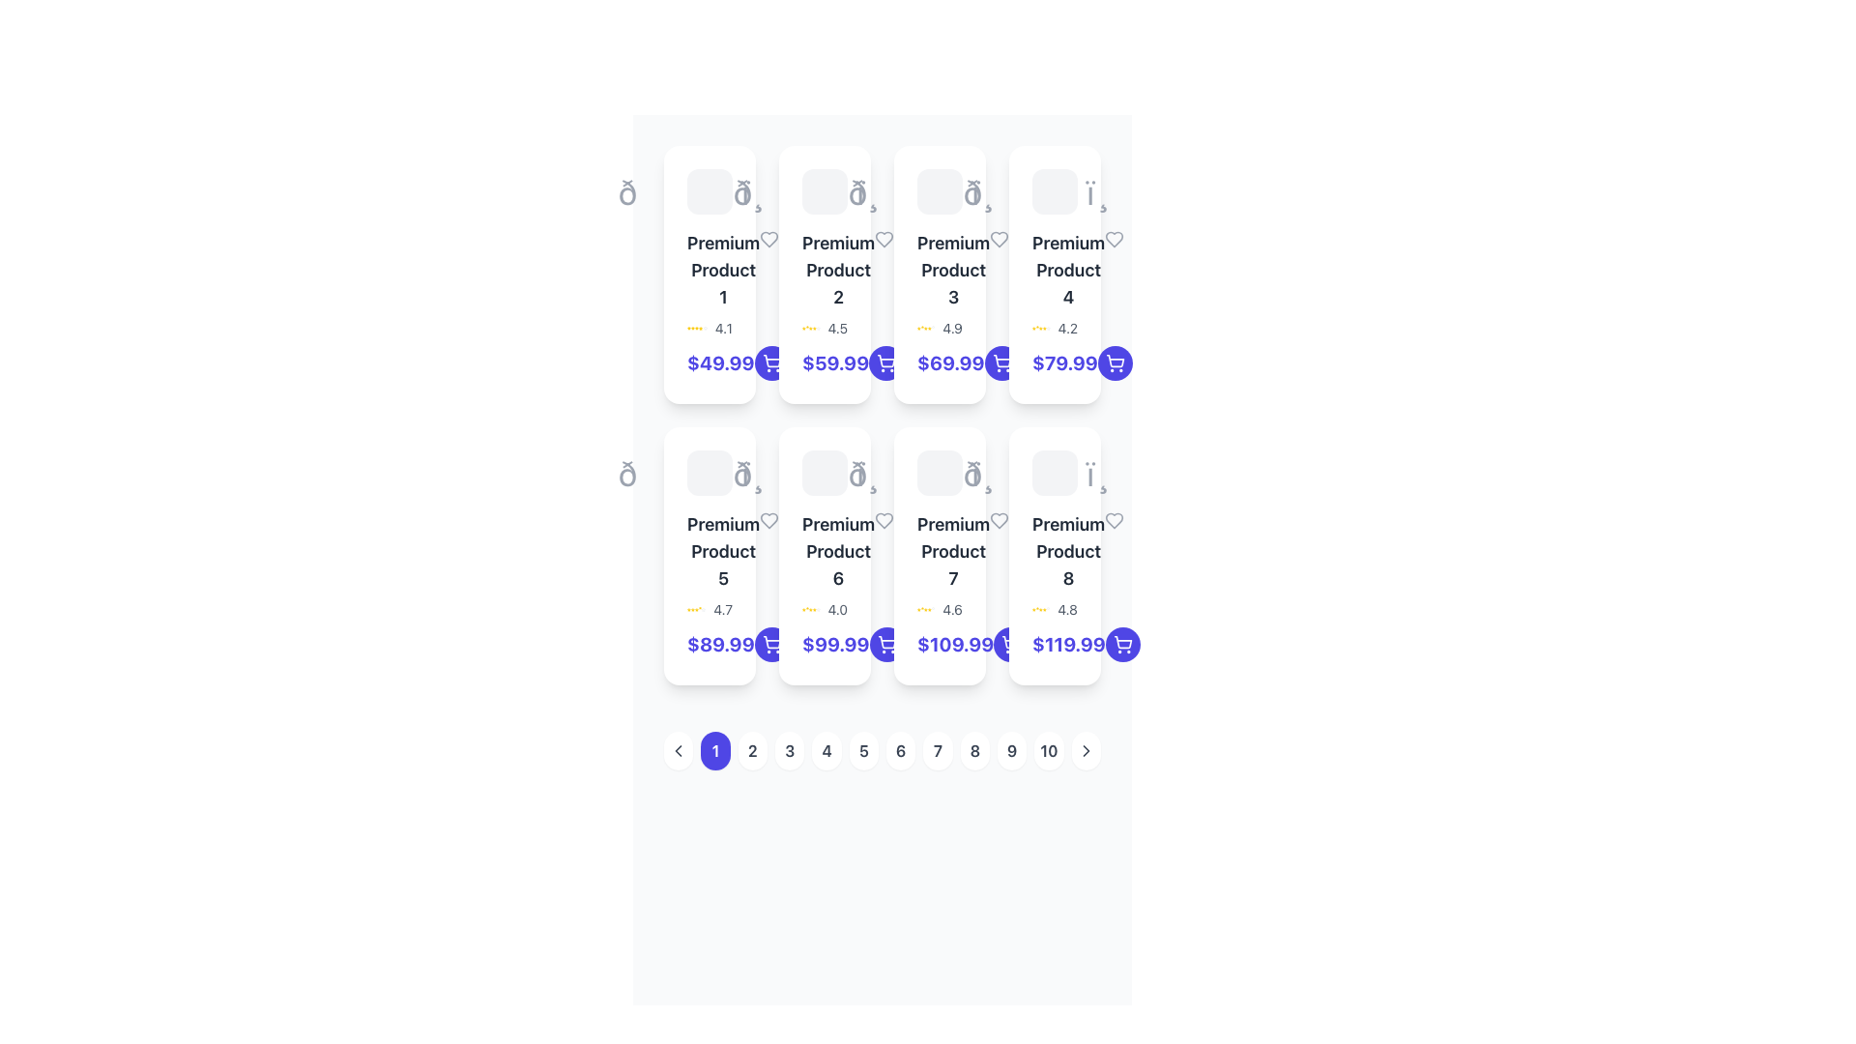 This screenshot has height=1044, width=1856. What do you see at coordinates (790, 749) in the screenshot?
I see `the circular button displaying the number '3'` at bounding box center [790, 749].